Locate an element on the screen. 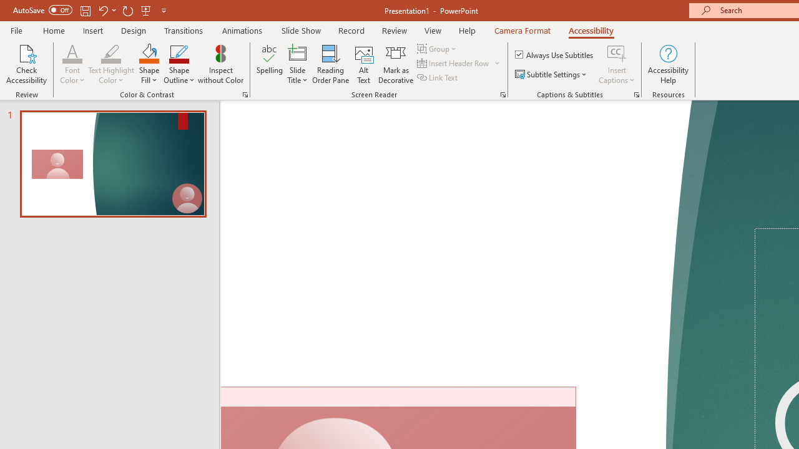 The width and height of the screenshot is (799, 449). 'Mark as Decorative' is located at coordinates (395, 64).